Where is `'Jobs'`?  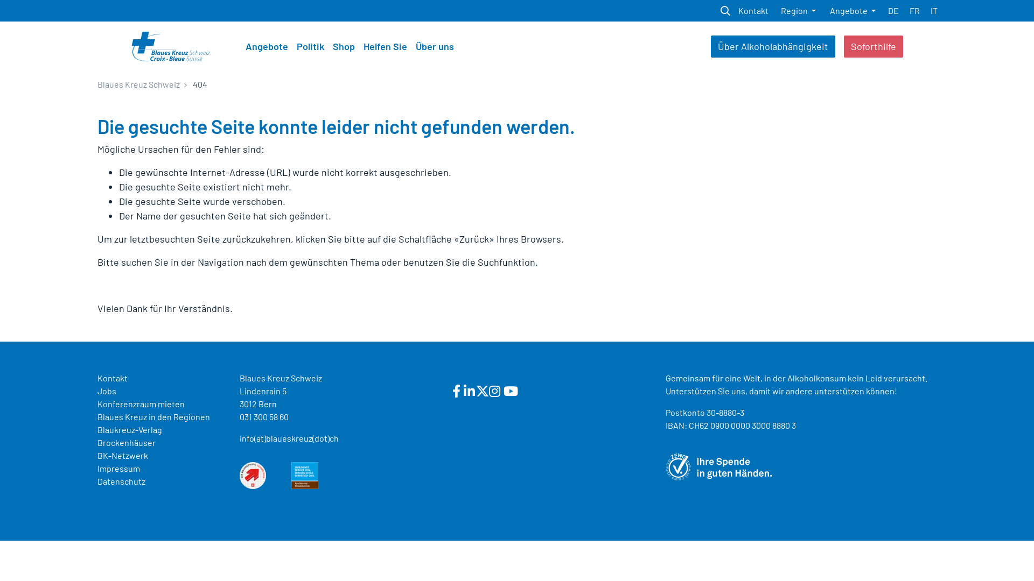
'Jobs' is located at coordinates (97, 391).